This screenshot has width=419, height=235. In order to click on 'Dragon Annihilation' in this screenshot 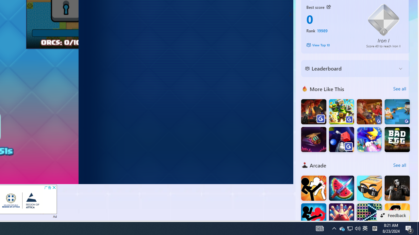, I will do `click(313, 111)`.